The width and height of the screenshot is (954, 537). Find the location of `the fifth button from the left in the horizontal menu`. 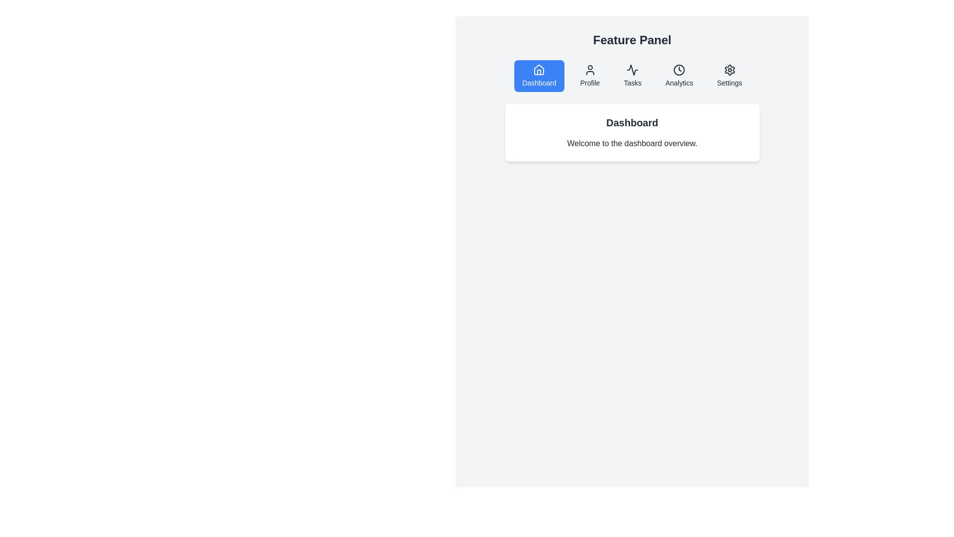

the fifth button from the left in the horizontal menu is located at coordinates (729, 76).